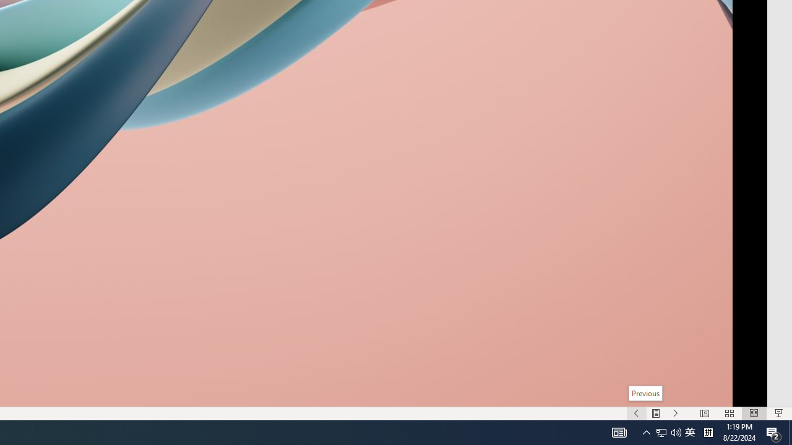  Describe the element at coordinates (636, 413) in the screenshot. I see `'Slide Show Previous On'` at that location.